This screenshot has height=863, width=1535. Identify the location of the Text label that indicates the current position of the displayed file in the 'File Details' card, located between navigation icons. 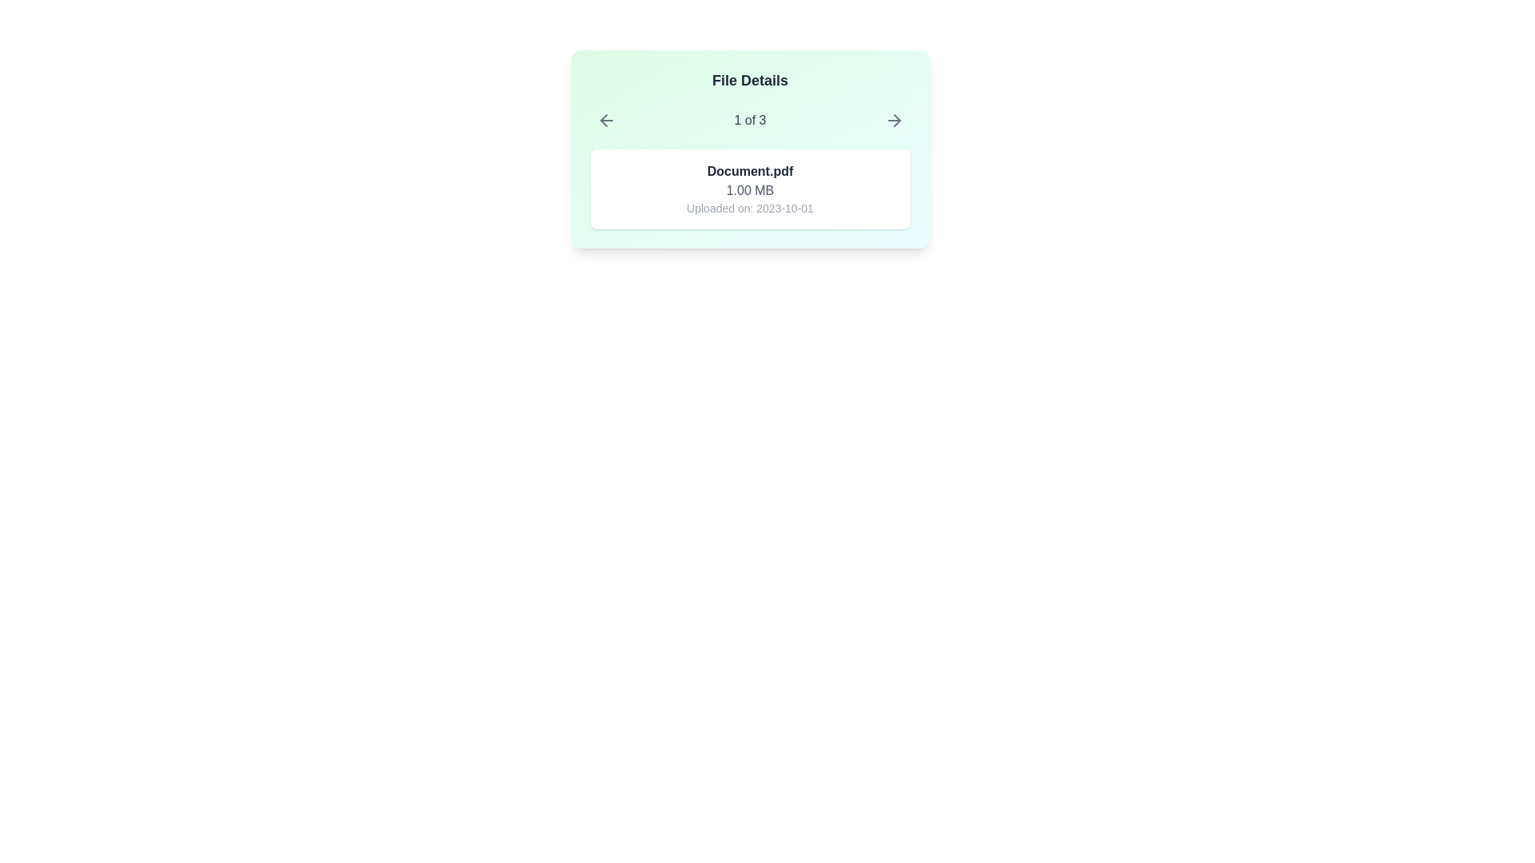
(749, 119).